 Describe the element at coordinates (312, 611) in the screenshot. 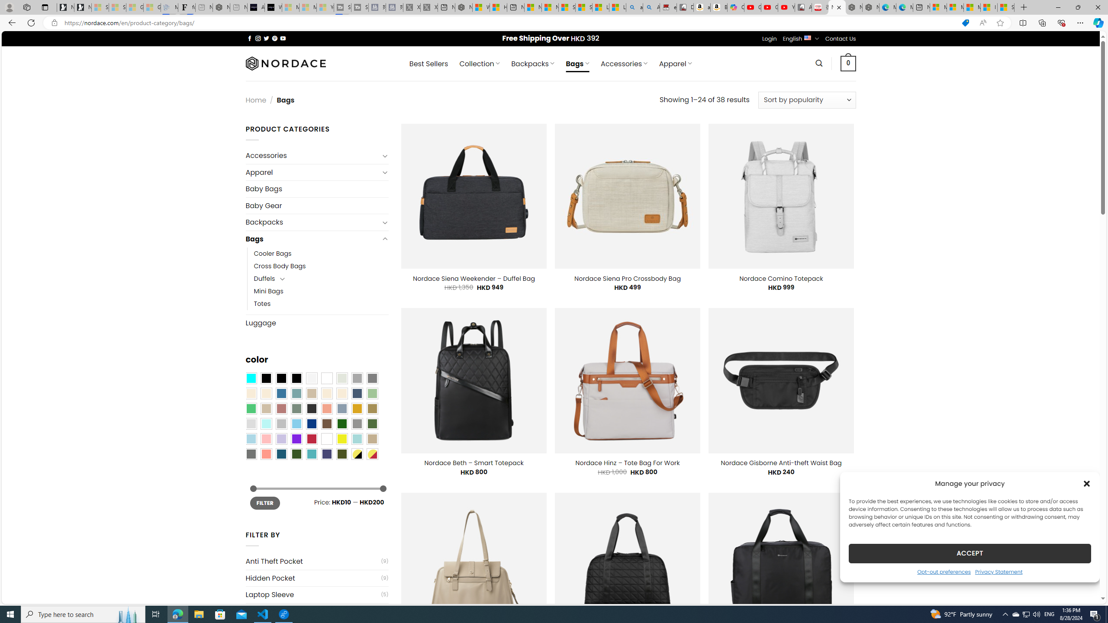

I see `'USB Charging Port'` at that location.